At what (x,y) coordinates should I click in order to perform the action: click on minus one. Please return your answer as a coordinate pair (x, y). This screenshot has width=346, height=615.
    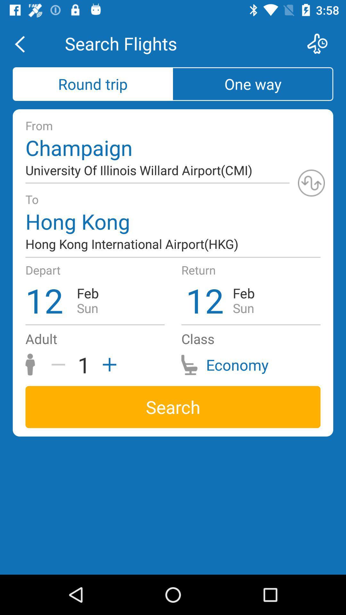
    Looking at the image, I should click on (61, 365).